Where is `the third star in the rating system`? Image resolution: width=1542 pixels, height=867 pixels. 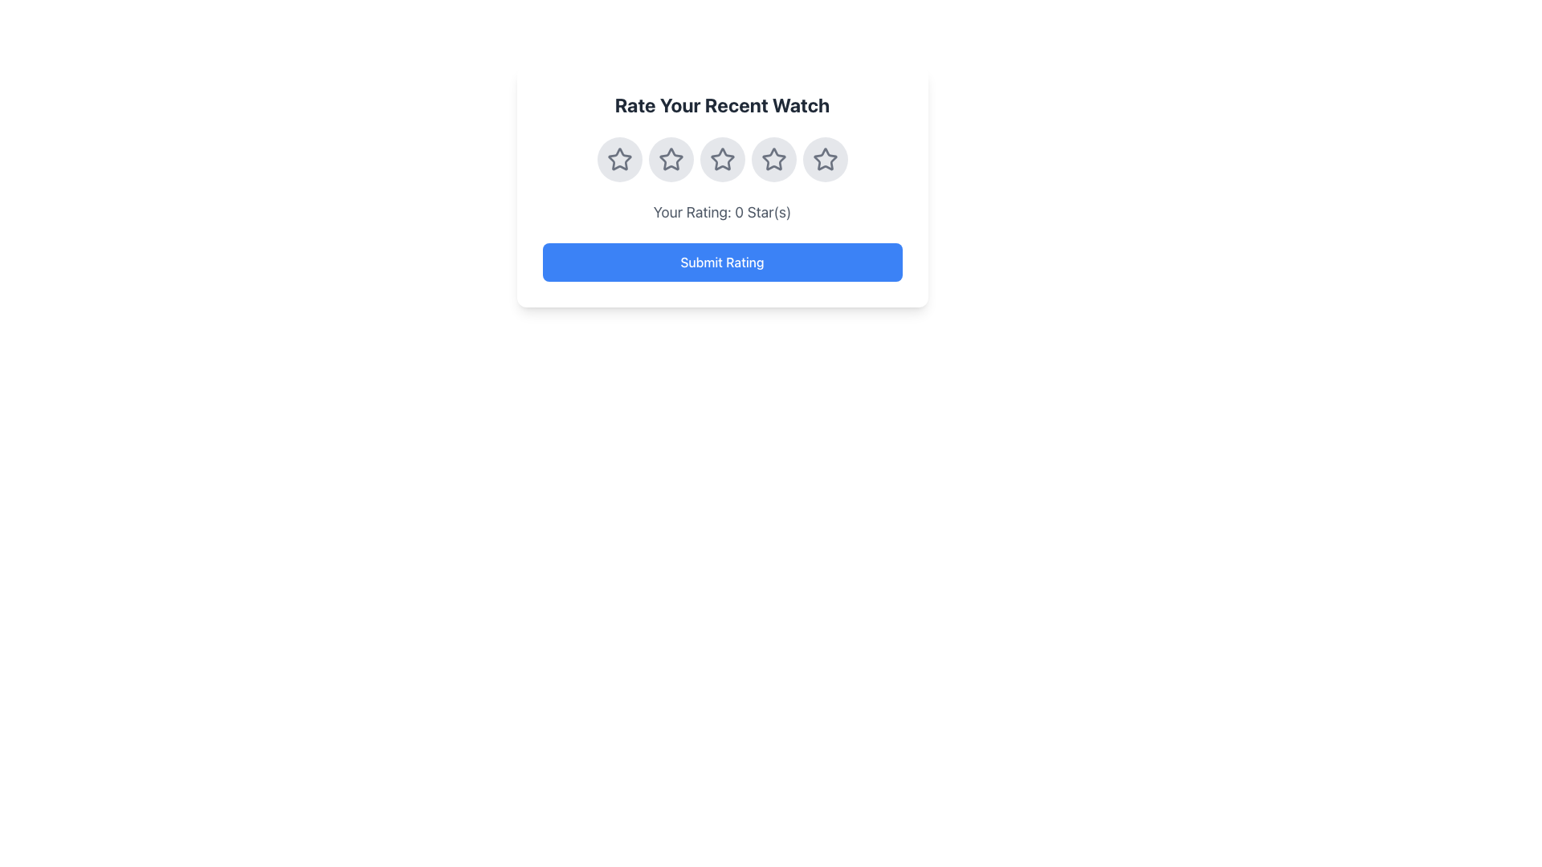
the third star in the rating system is located at coordinates (721, 160).